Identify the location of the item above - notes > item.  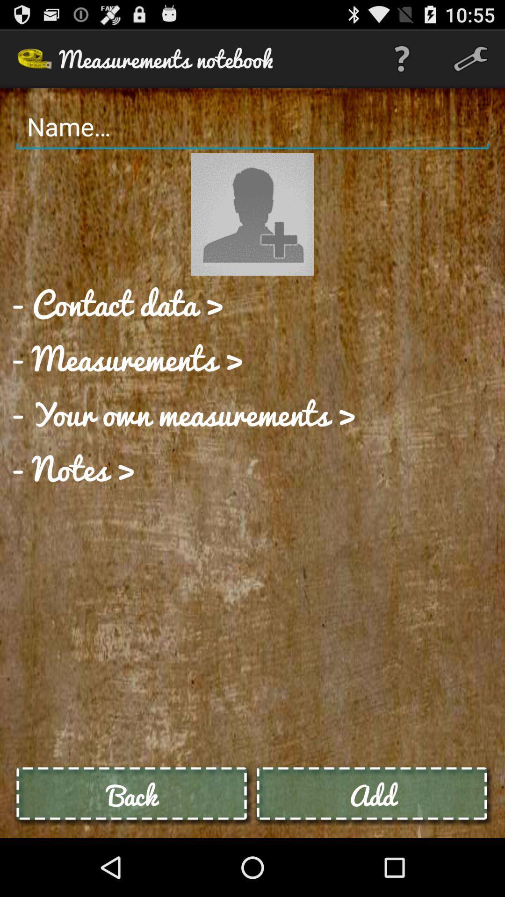
(184, 413).